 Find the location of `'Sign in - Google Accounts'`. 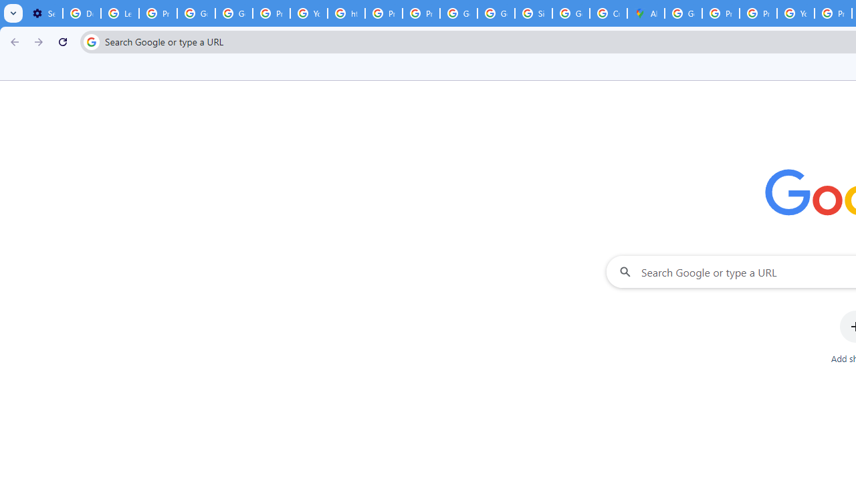

'Sign in - Google Accounts' is located at coordinates (533, 13).